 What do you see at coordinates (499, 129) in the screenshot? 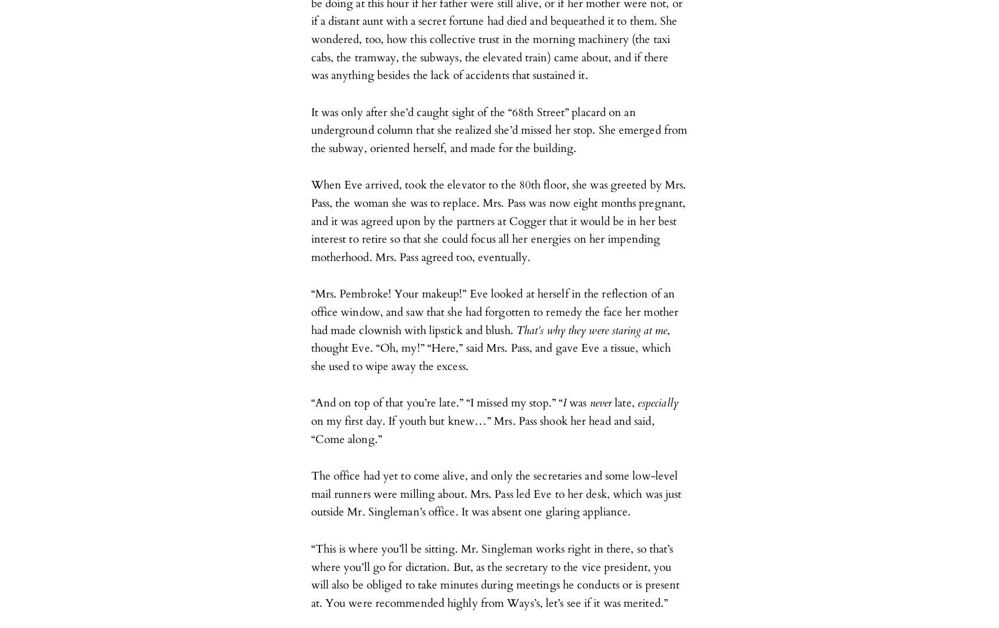
I see `'Street” placard on an underground column that she realized she’d missed her stop. She emerged from the subway, oriented herself, and made for the building.'` at bounding box center [499, 129].